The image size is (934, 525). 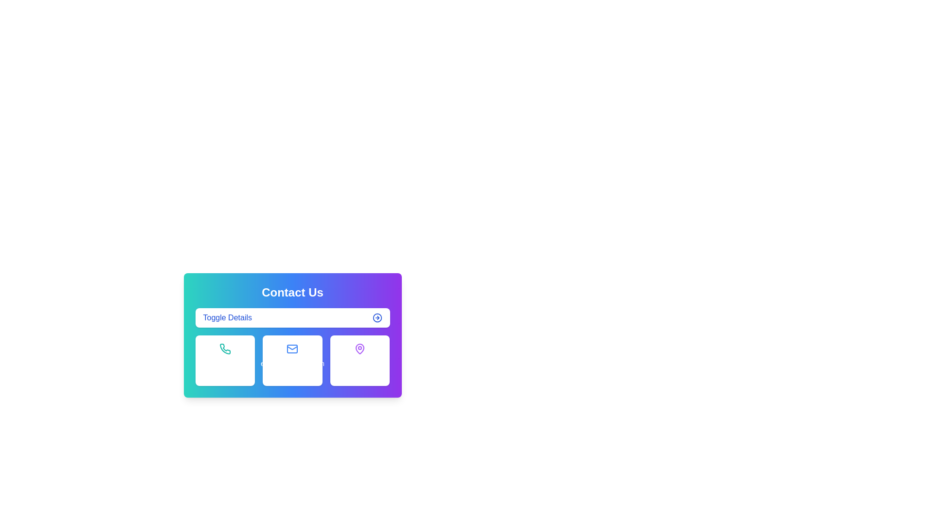 I want to click on the rectangular SVG element styled as part of an email icon, located in the middle section of the contact options row, so click(x=292, y=348).